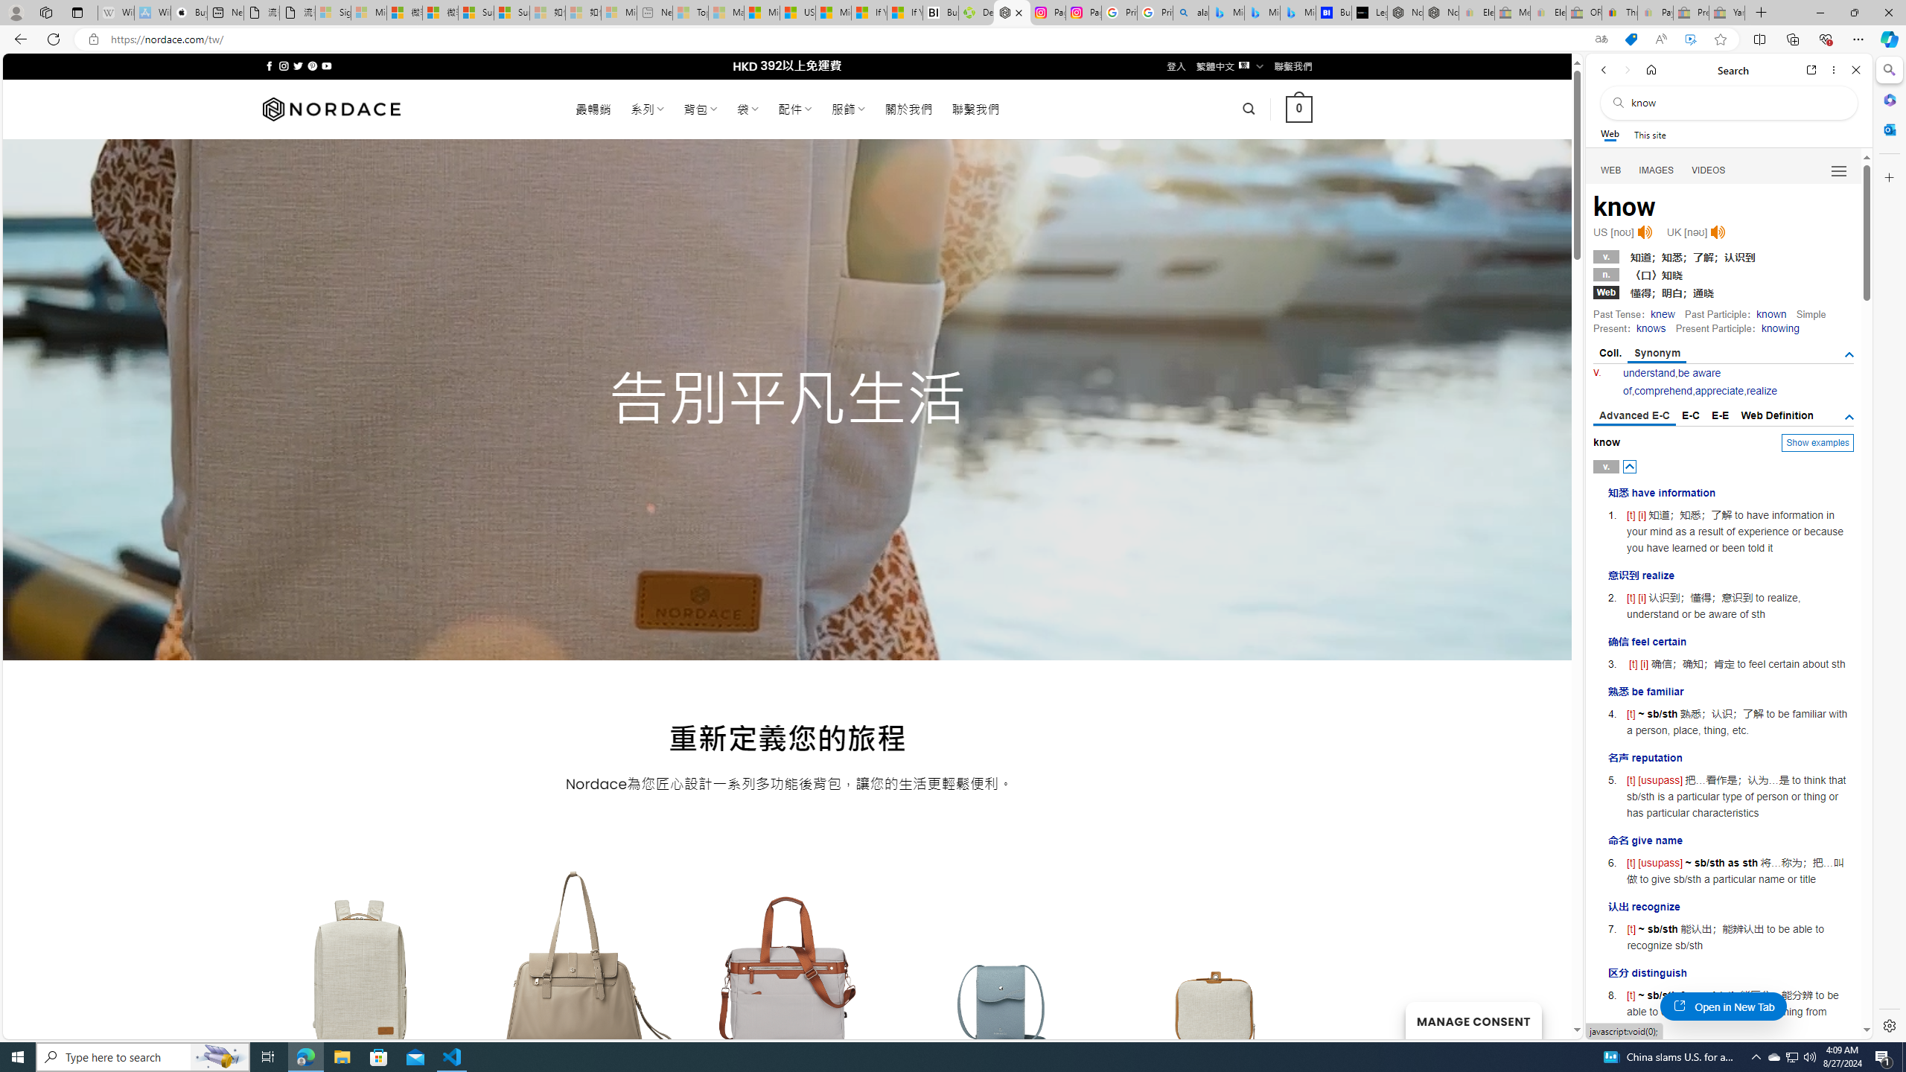 This screenshot has height=1072, width=1906. What do you see at coordinates (1849, 416) in the screenshot?
I see `'AutomationID: tgdef'` at bounding box center [1849, 416].